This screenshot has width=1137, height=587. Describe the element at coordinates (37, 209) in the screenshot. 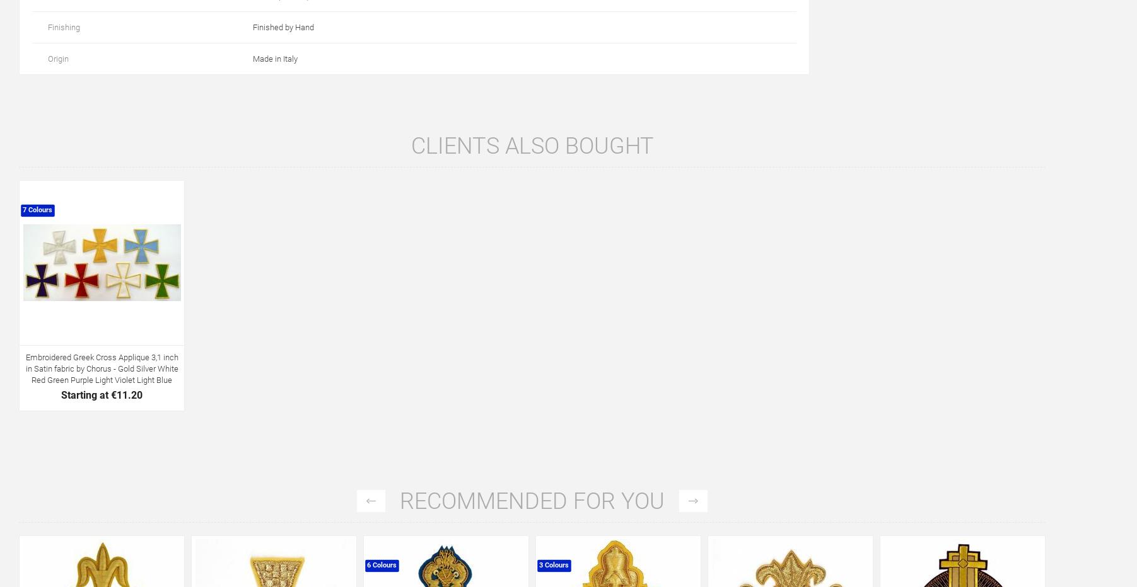

I see `'7 Colours'` at that location.